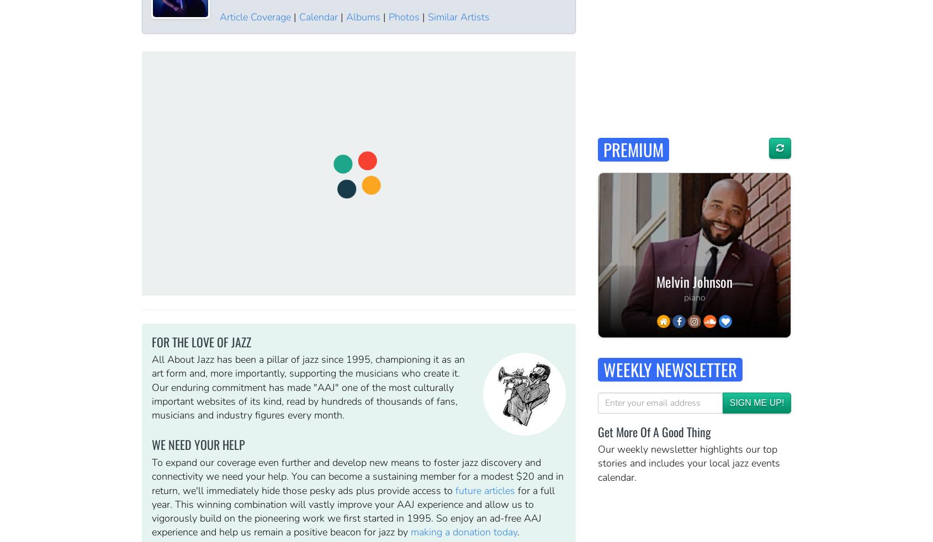  Describe the element at coordinates (200, 341) in the screenshot. I see `'FOR THE LOVE OF JAZZ'` at that location.